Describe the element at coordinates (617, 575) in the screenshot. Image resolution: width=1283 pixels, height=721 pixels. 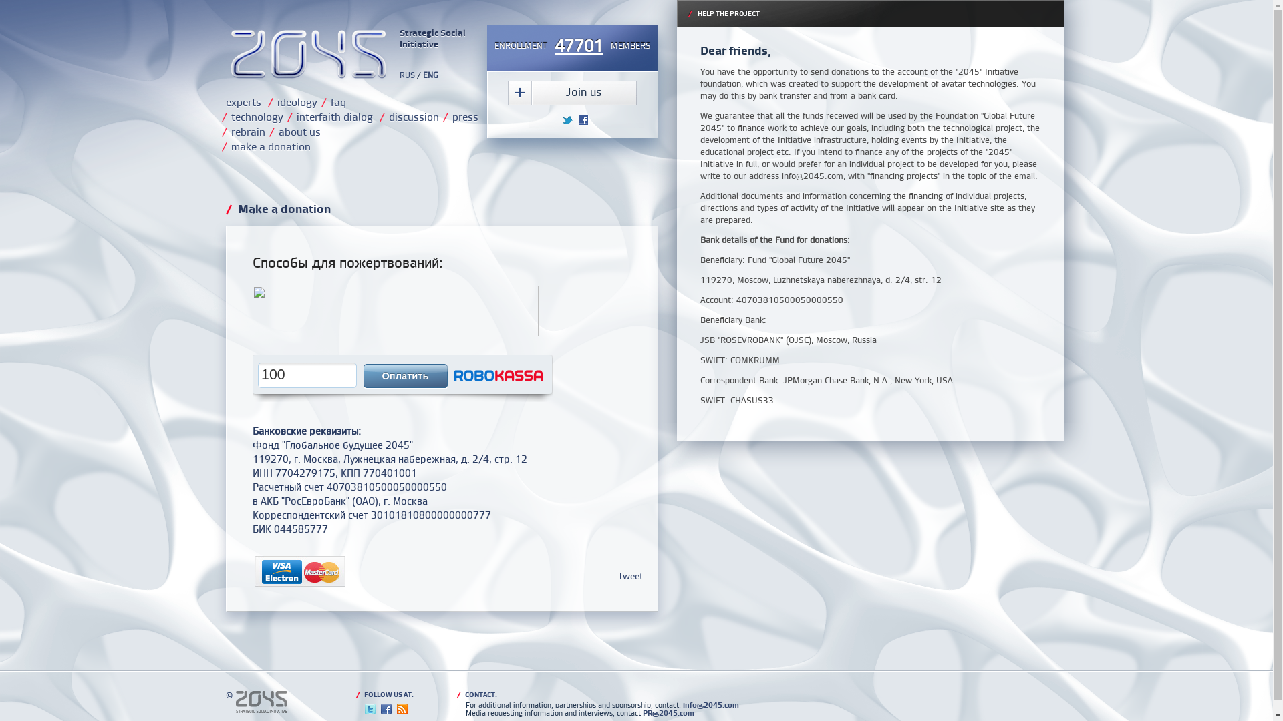
I see `'Tweet'` at that location.